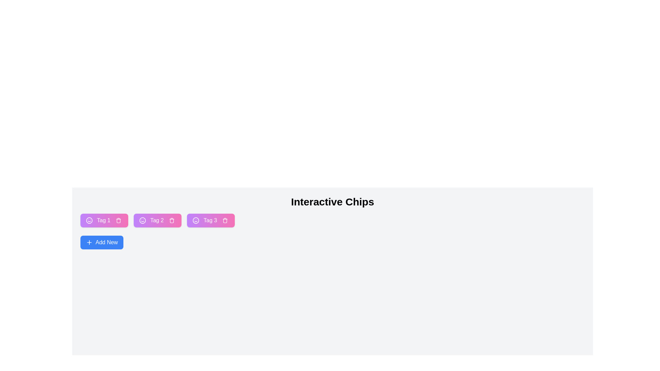  I want to click on the label of the chip named Tag 1 to select its text, so click(103, 220).